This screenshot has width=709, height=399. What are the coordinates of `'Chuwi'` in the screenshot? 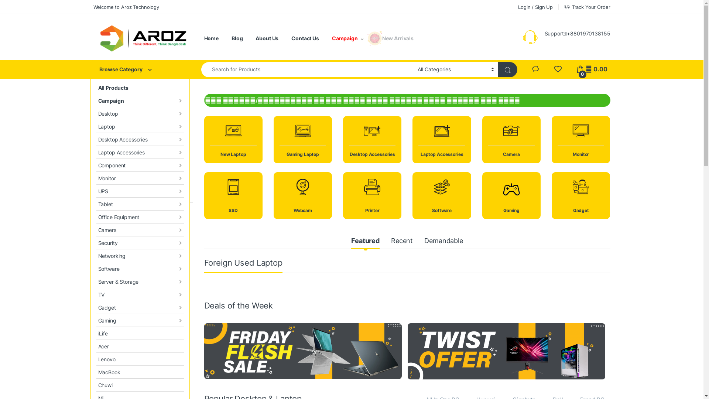 It's located at (140, 385).